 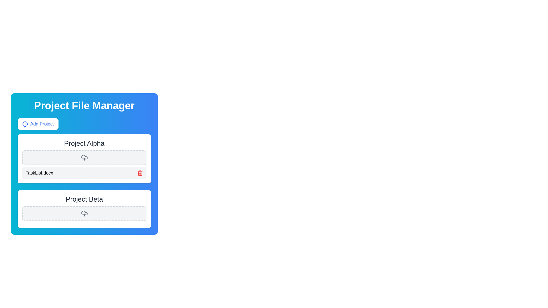 What do you see at coordinates (25, 124) in the screenshot?
I see `the 'Add Project' button icon located at the upper-left portion of the interface, which represents the action of adding a new project` at bounding box center [25, 124].